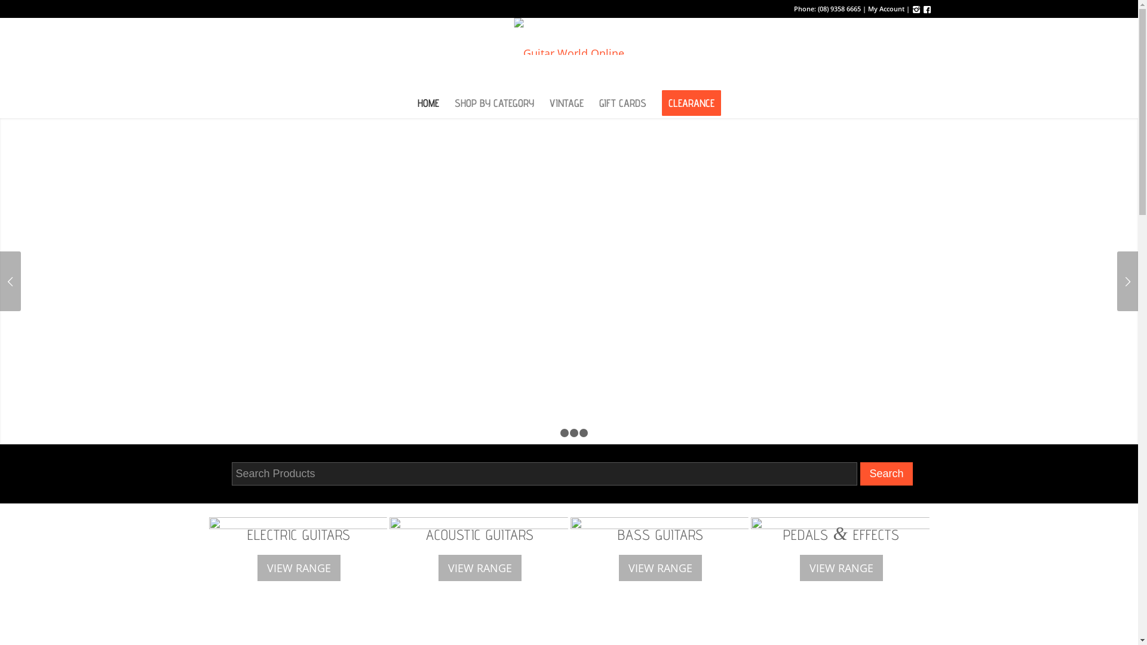 This screenshot has width=1147, height=645. Describe the element at coordinates (494, 103) in the screenshot. I see `'SHOP BY CATEGORY'` at that location.